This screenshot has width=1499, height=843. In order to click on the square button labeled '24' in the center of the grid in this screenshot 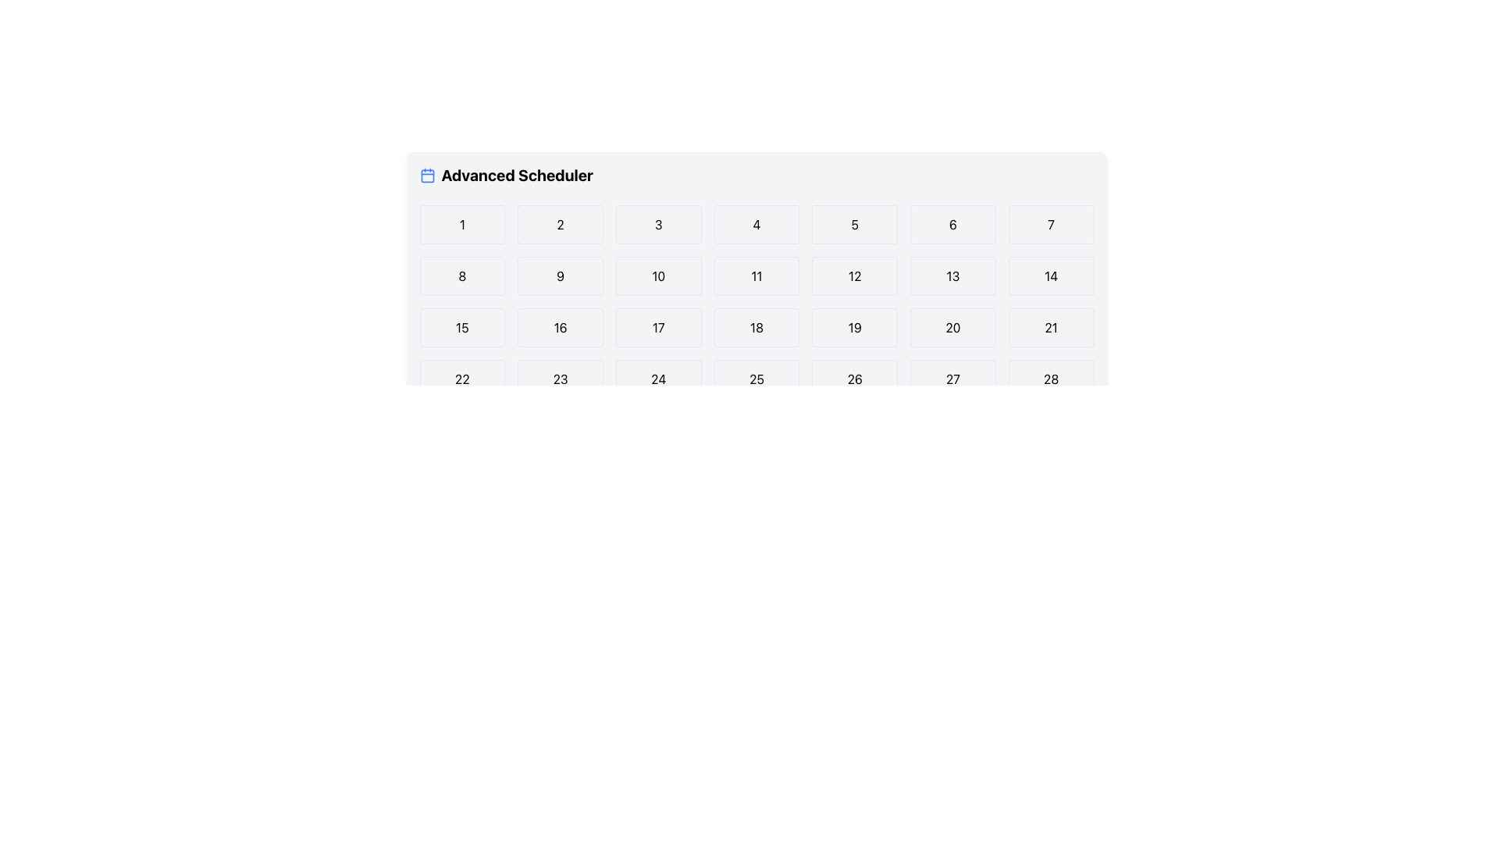, I will do `click(658, 379)`.